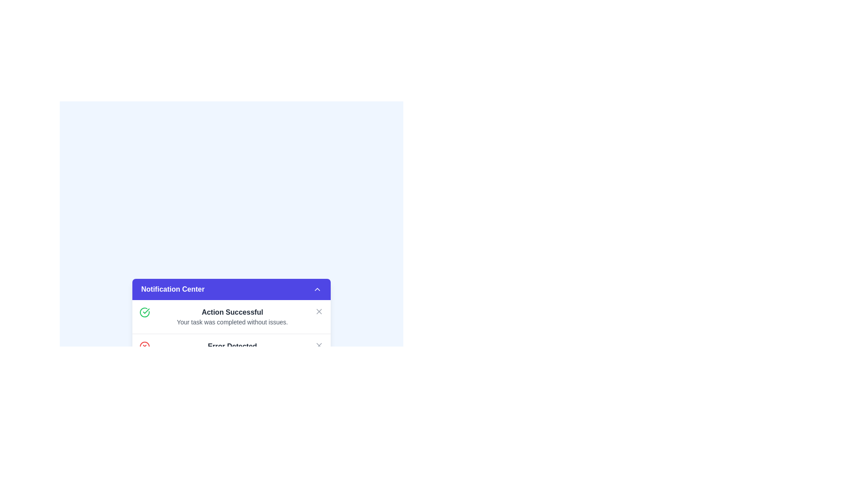 This screenshot has width=850, height=478. What do you see at coordinates (232, 312) in the screenshot?
I see `text label displaying 'Action Successful' in bold, dark gray font, positioned at the top center of the notification card` at bounding box center [232, 312].